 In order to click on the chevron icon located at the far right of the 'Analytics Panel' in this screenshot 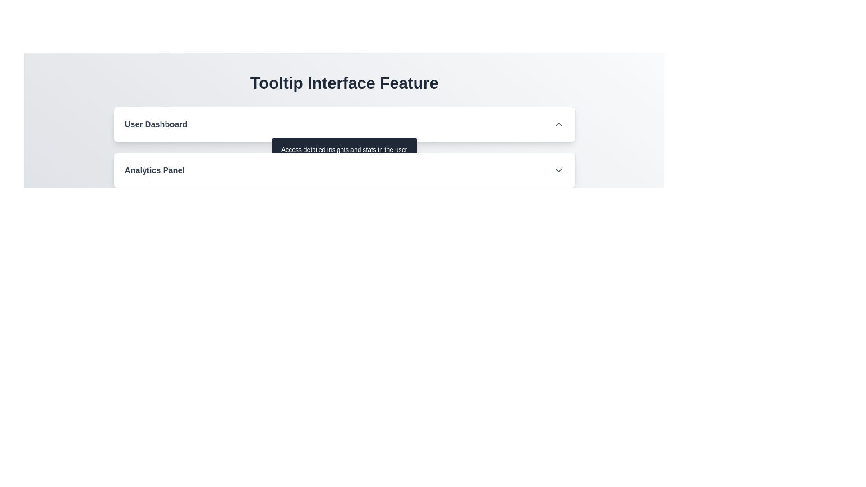, I will do `click(558, 170)`.